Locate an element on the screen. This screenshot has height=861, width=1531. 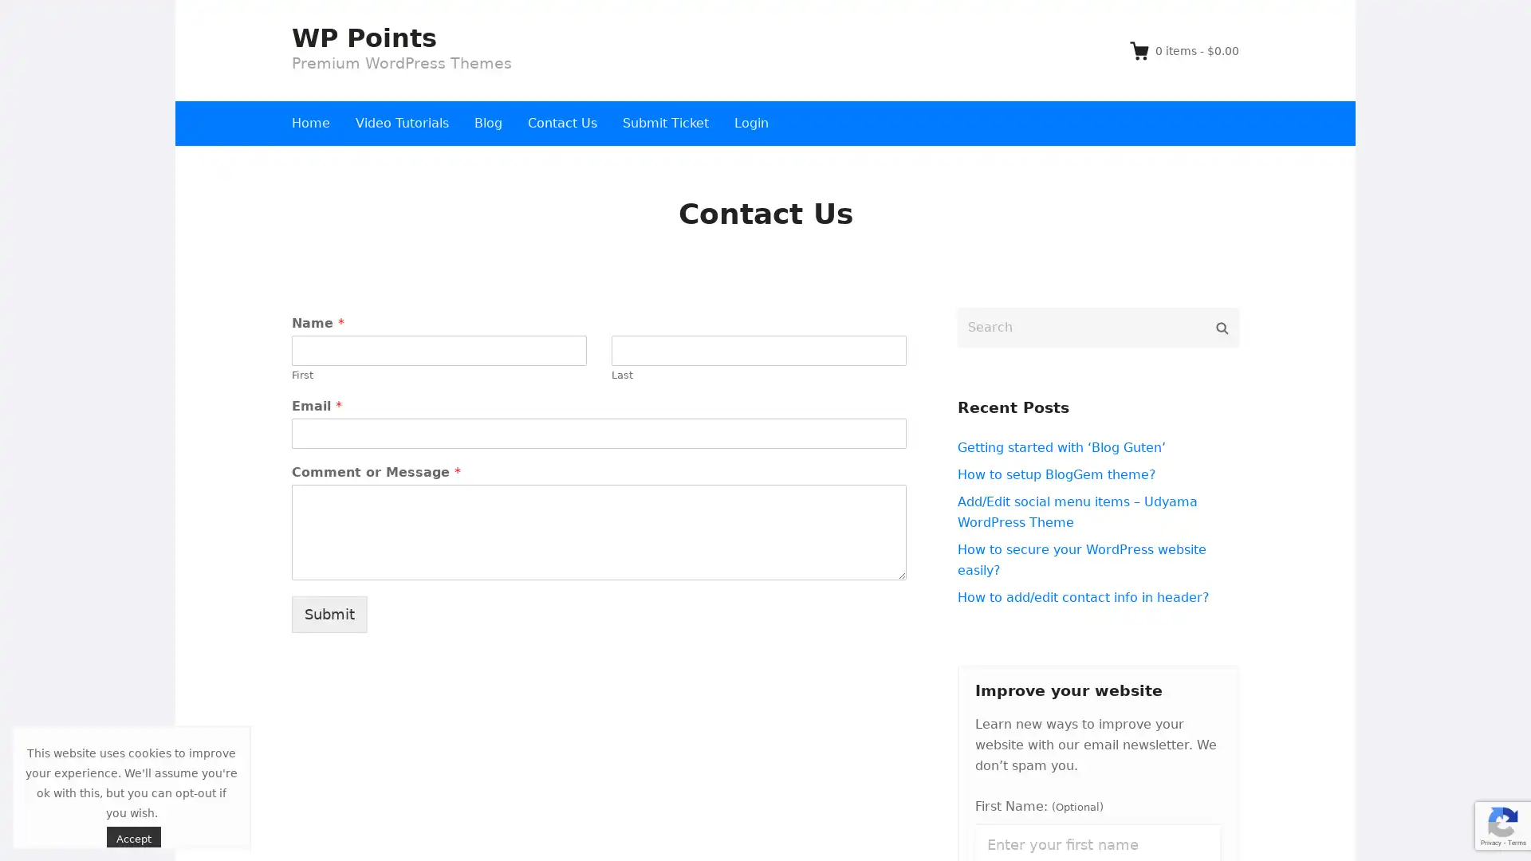
Search is located at coordinates (1221, 327).